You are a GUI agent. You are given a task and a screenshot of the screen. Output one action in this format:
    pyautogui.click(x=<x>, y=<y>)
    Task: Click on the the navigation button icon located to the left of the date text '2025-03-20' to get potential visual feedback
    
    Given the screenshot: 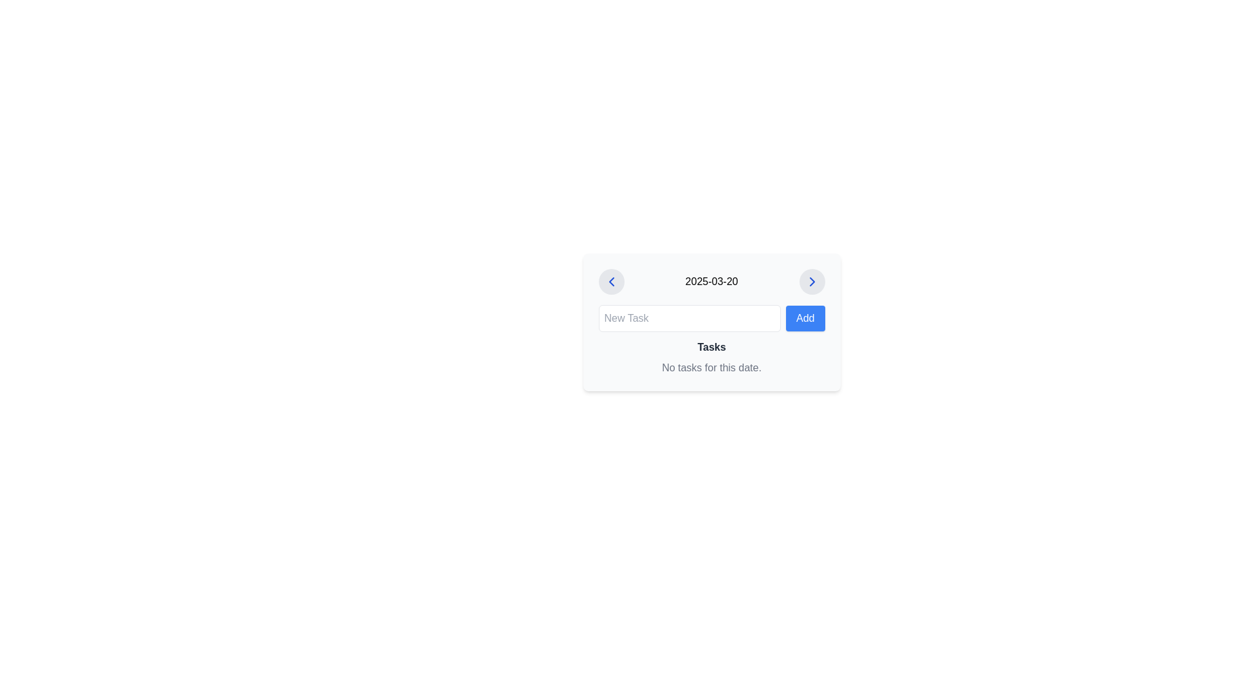 What is the action you would take?
    pyautogui.click(x=610, y=281)
    